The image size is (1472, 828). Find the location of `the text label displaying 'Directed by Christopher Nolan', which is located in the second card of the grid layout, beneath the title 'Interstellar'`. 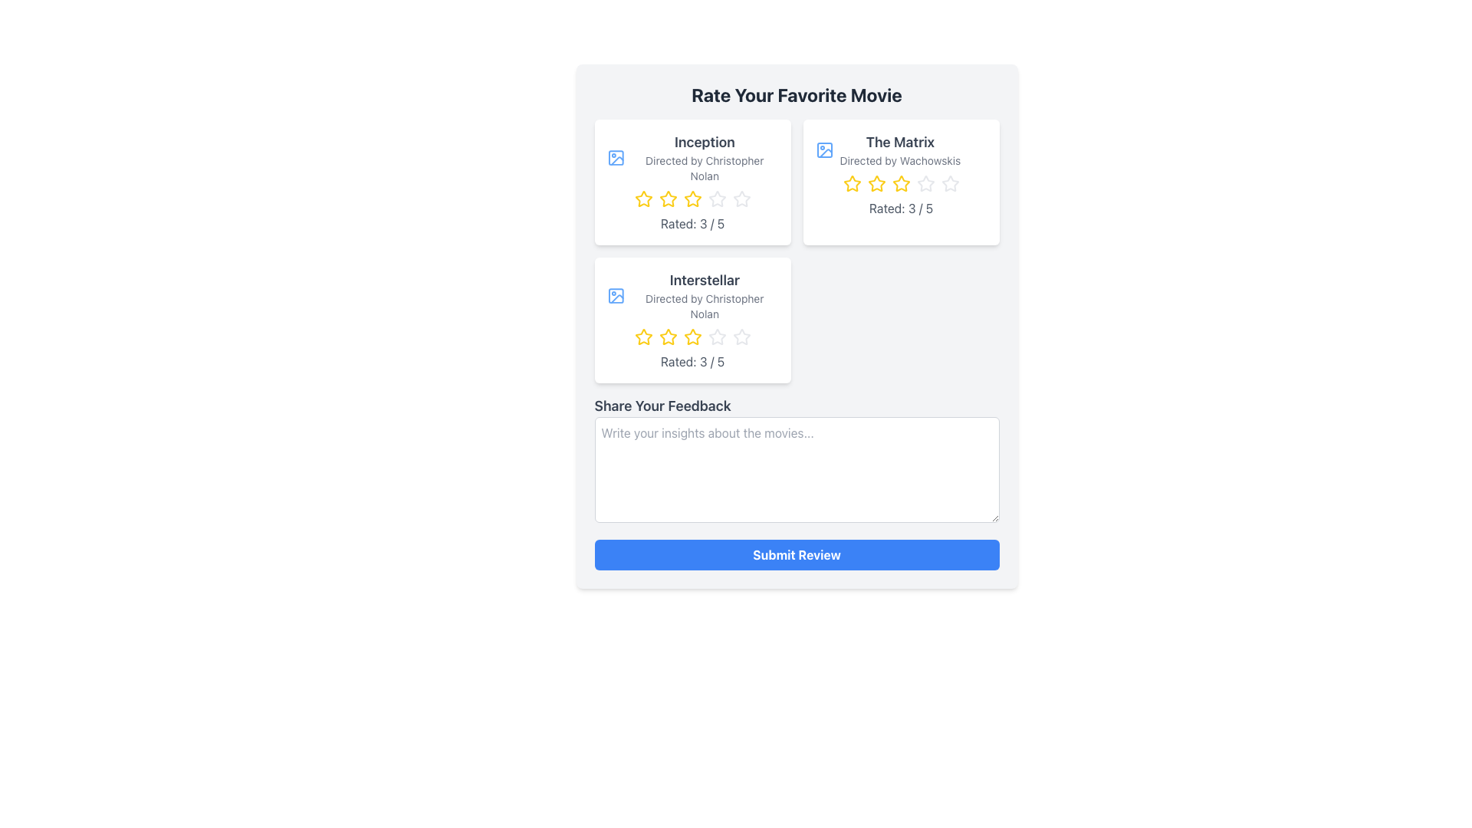

the text label displaying 'Directed by Christopher Nolan', which is located in the second card of the grid layout, beneath the title 'Interstellar' is located at coordinates (704, 307).